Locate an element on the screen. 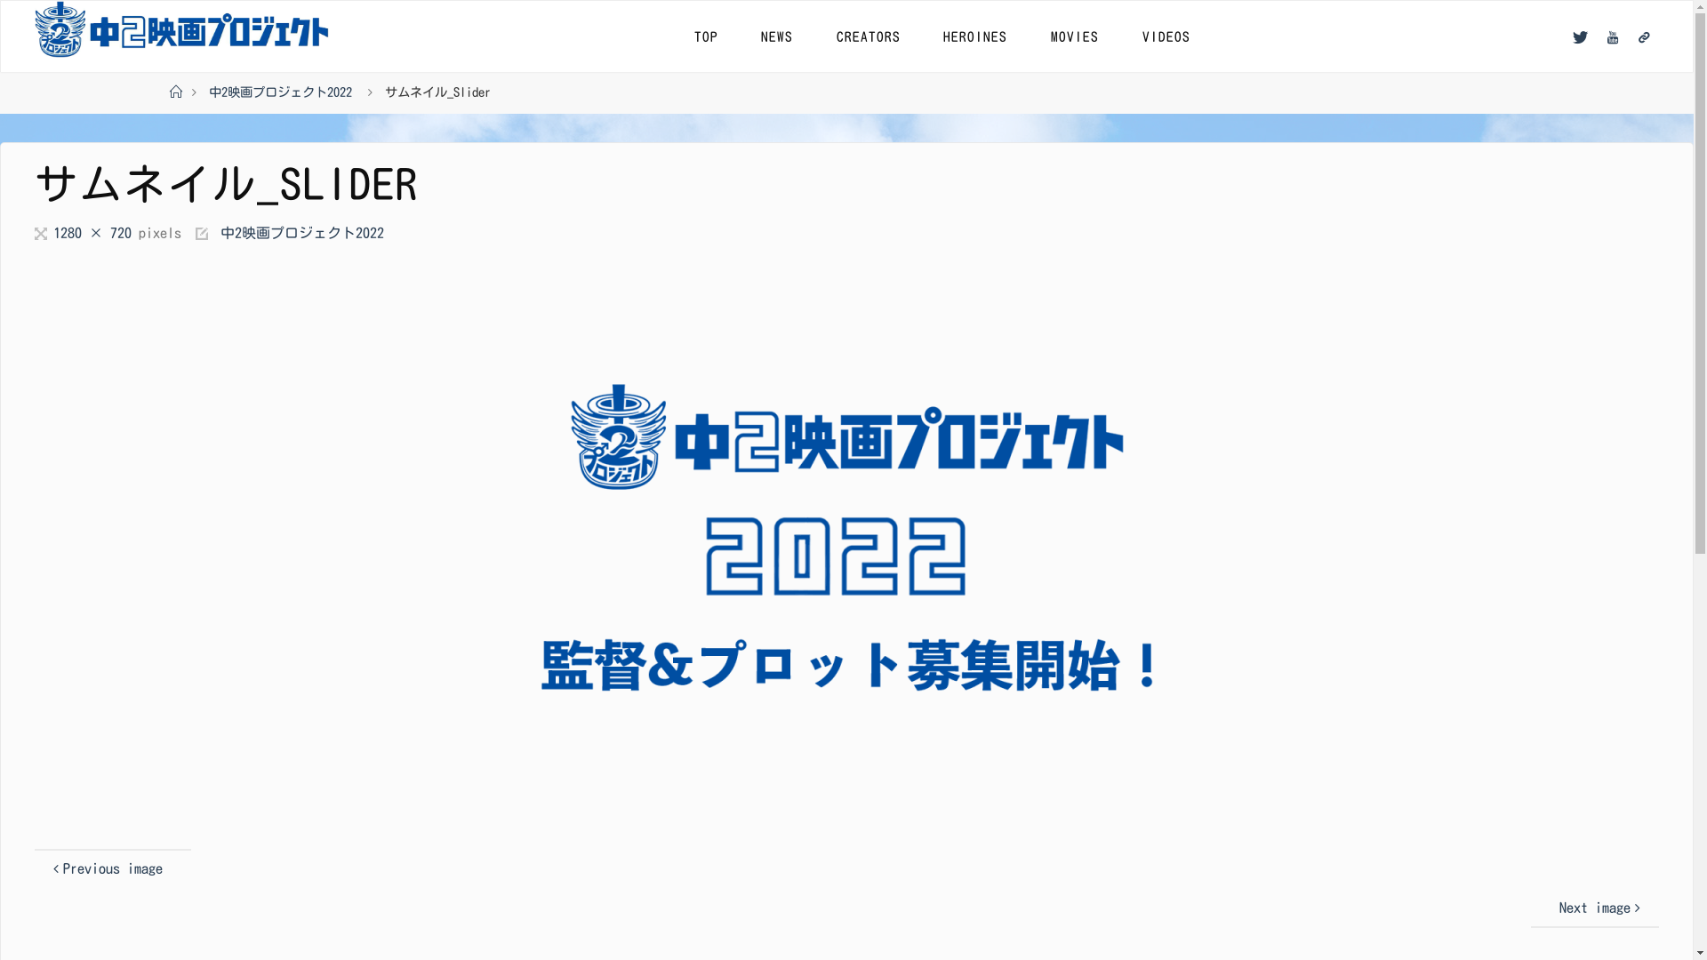  'Previous image' is located at coordinates (111, 868).